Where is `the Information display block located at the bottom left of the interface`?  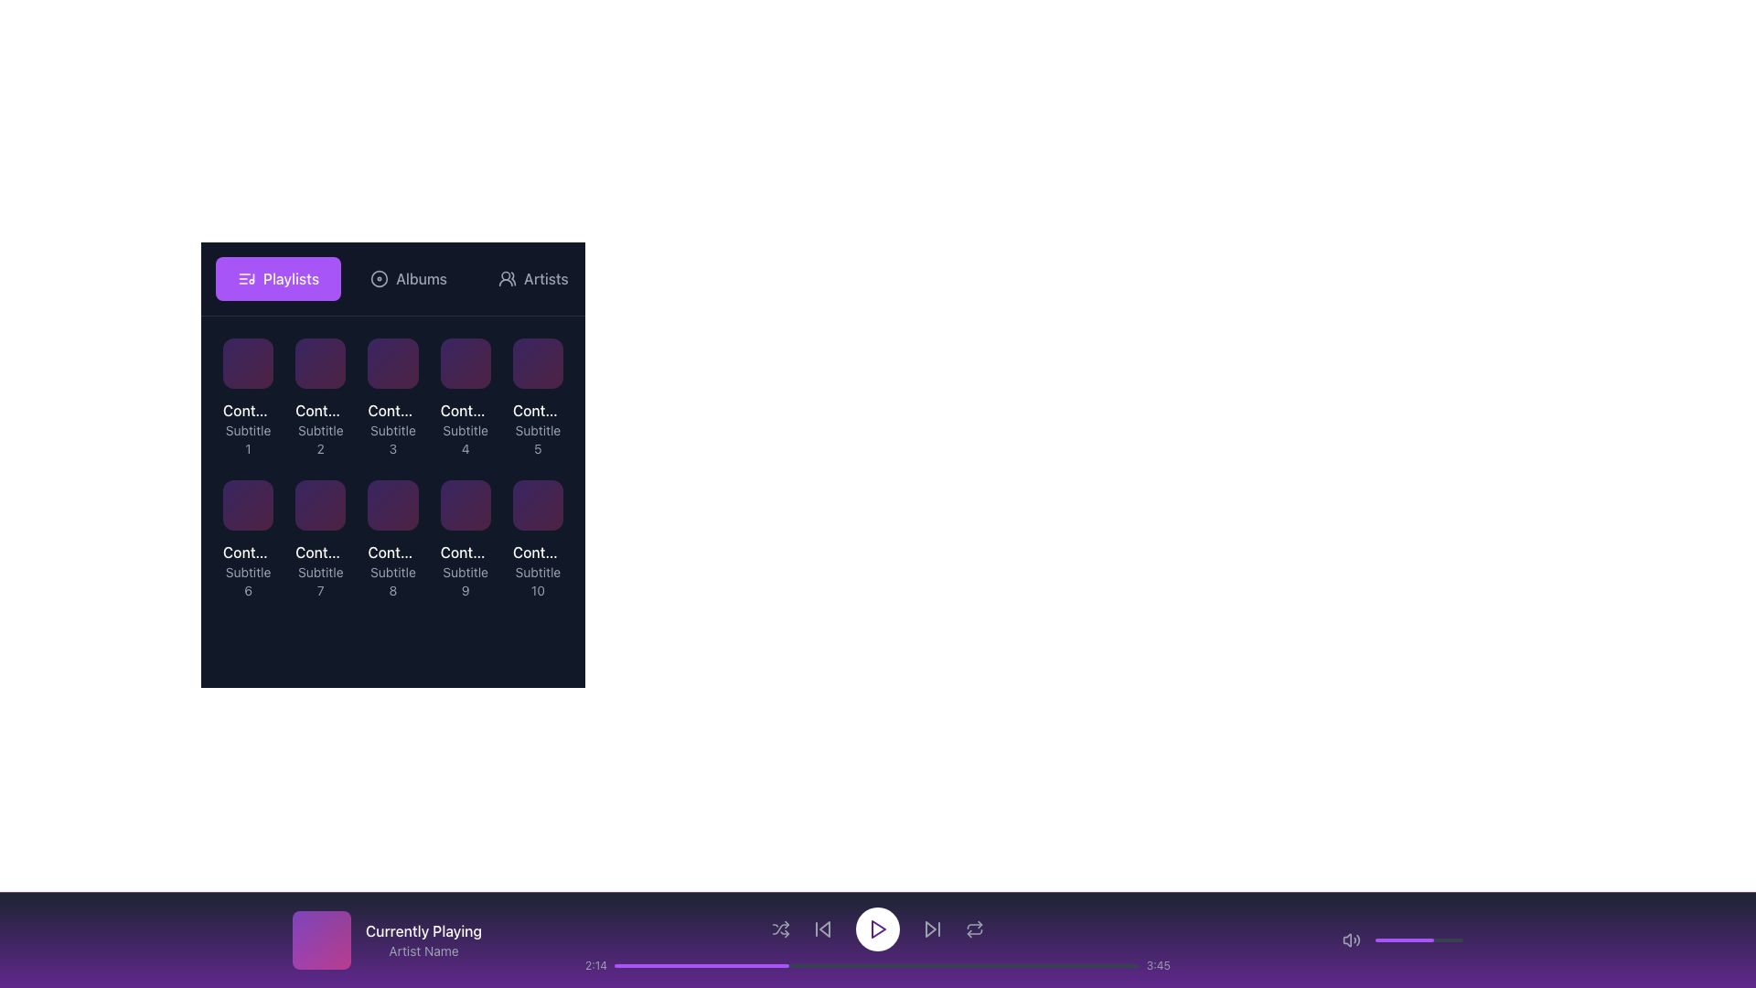
the Information display block located at the bottom left of the interface is located at coordinates (439, 940).